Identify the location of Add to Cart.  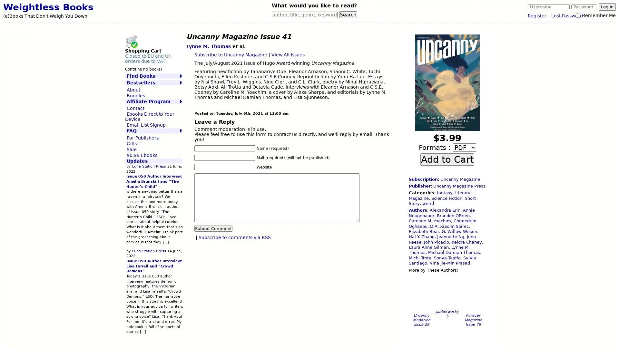
(447, 159).